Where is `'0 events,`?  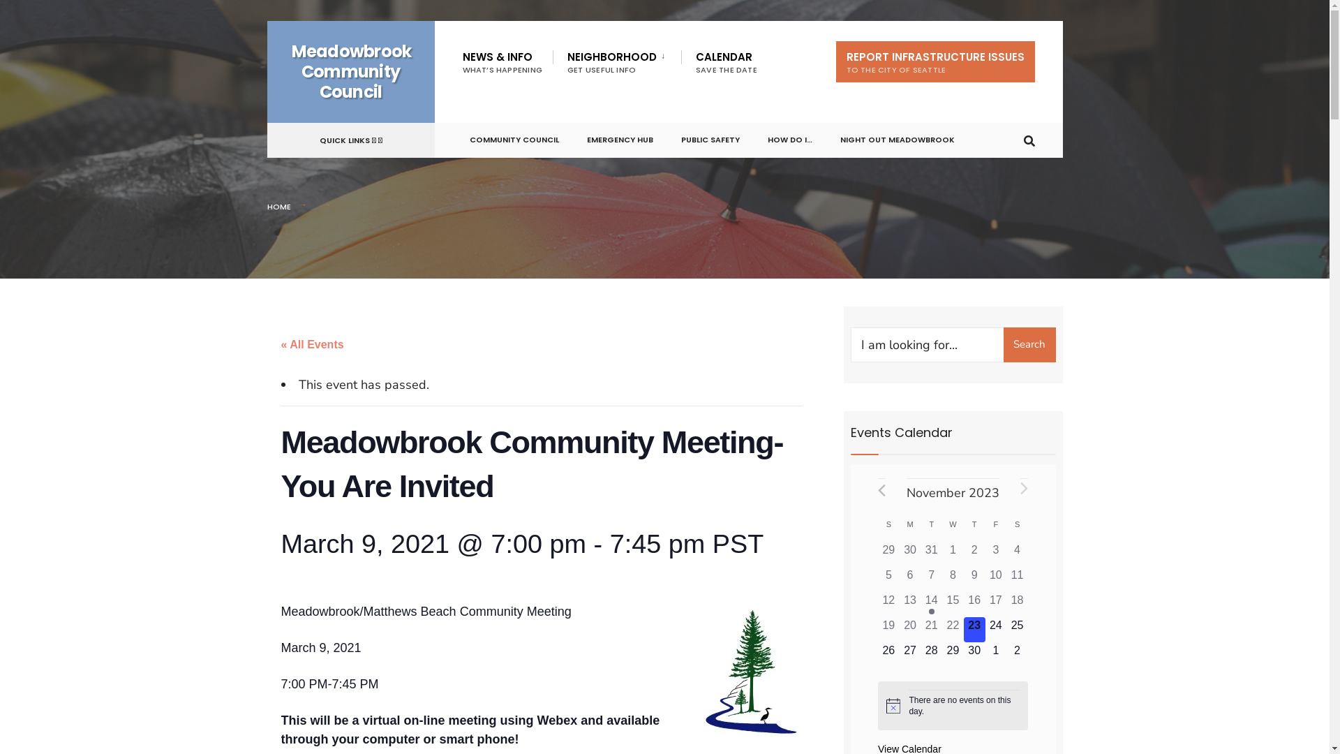 '0 events, is located at coordinates (1017, 579).